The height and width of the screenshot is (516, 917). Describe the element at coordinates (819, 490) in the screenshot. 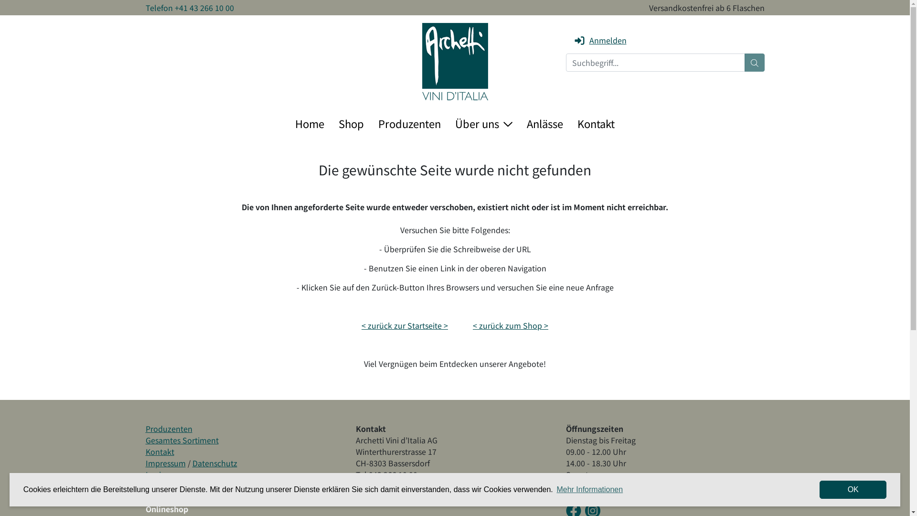

I see `'OK'` at that location.